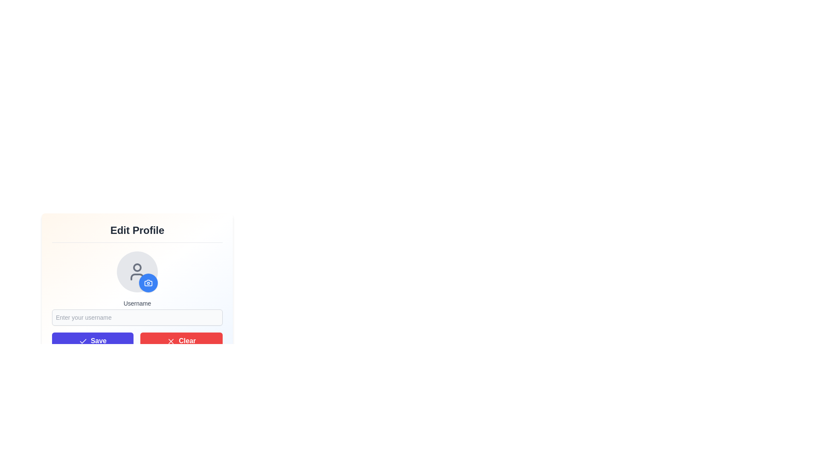  I want to click on 'Username' text label displayed in dark gray color above the input box in the 'Edit Profile' section for guidance, so click(137, 303).